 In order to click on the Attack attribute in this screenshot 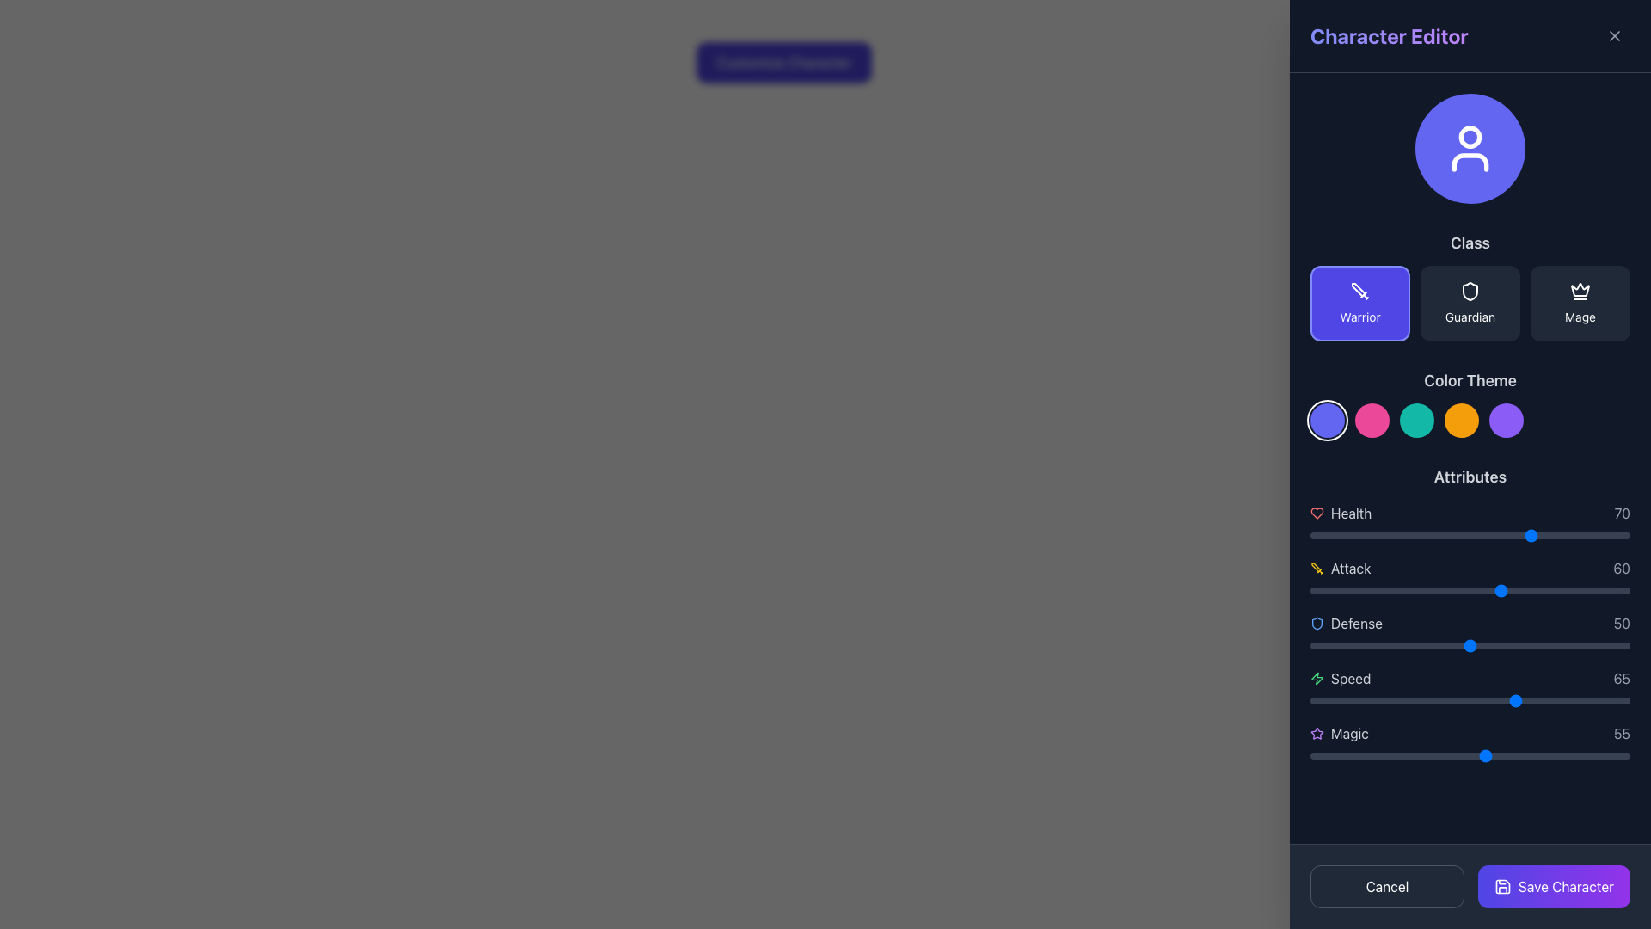, I will do `click(1406, 589)`.